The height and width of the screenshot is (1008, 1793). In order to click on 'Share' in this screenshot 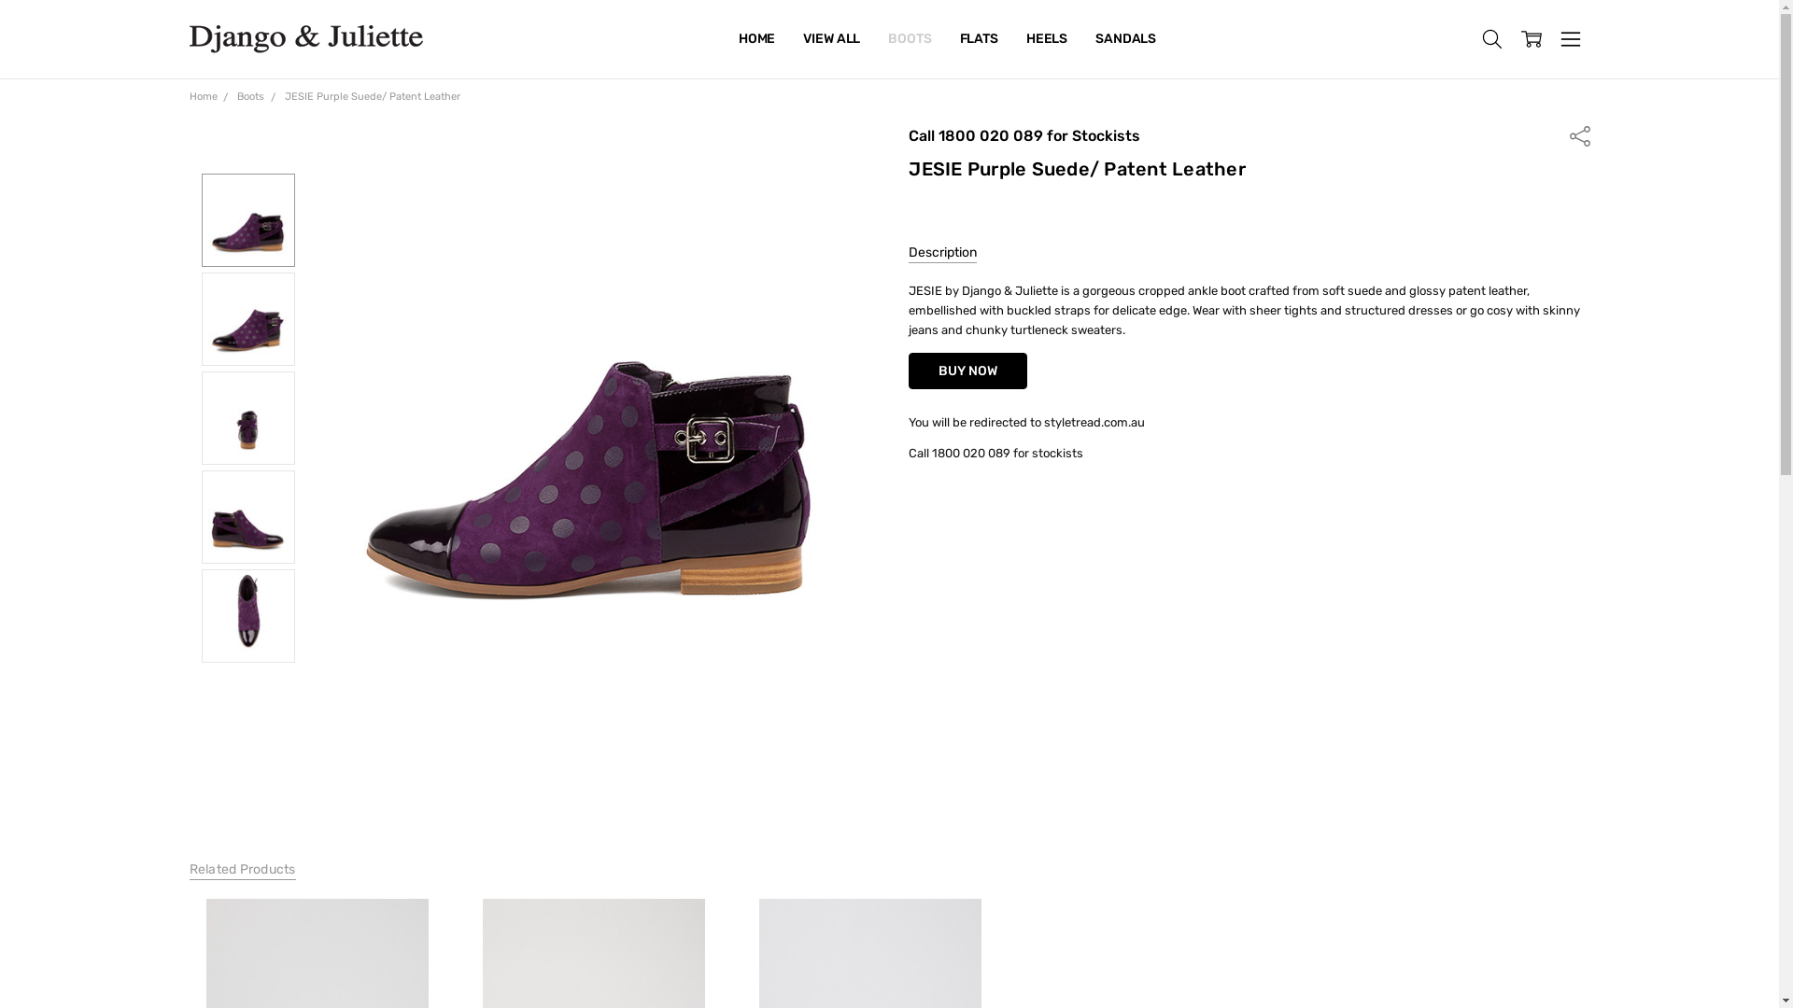, I will do `click(1577, 133)`.